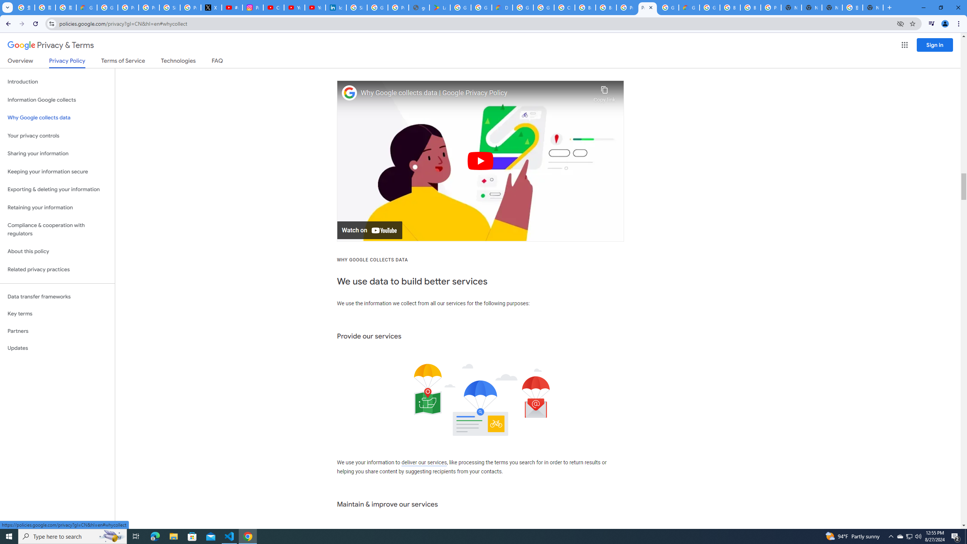  What do you see at coordinates (57, 207) in the screenshot?
I see `'Retaining your information'` at bounding box center [57, 207].